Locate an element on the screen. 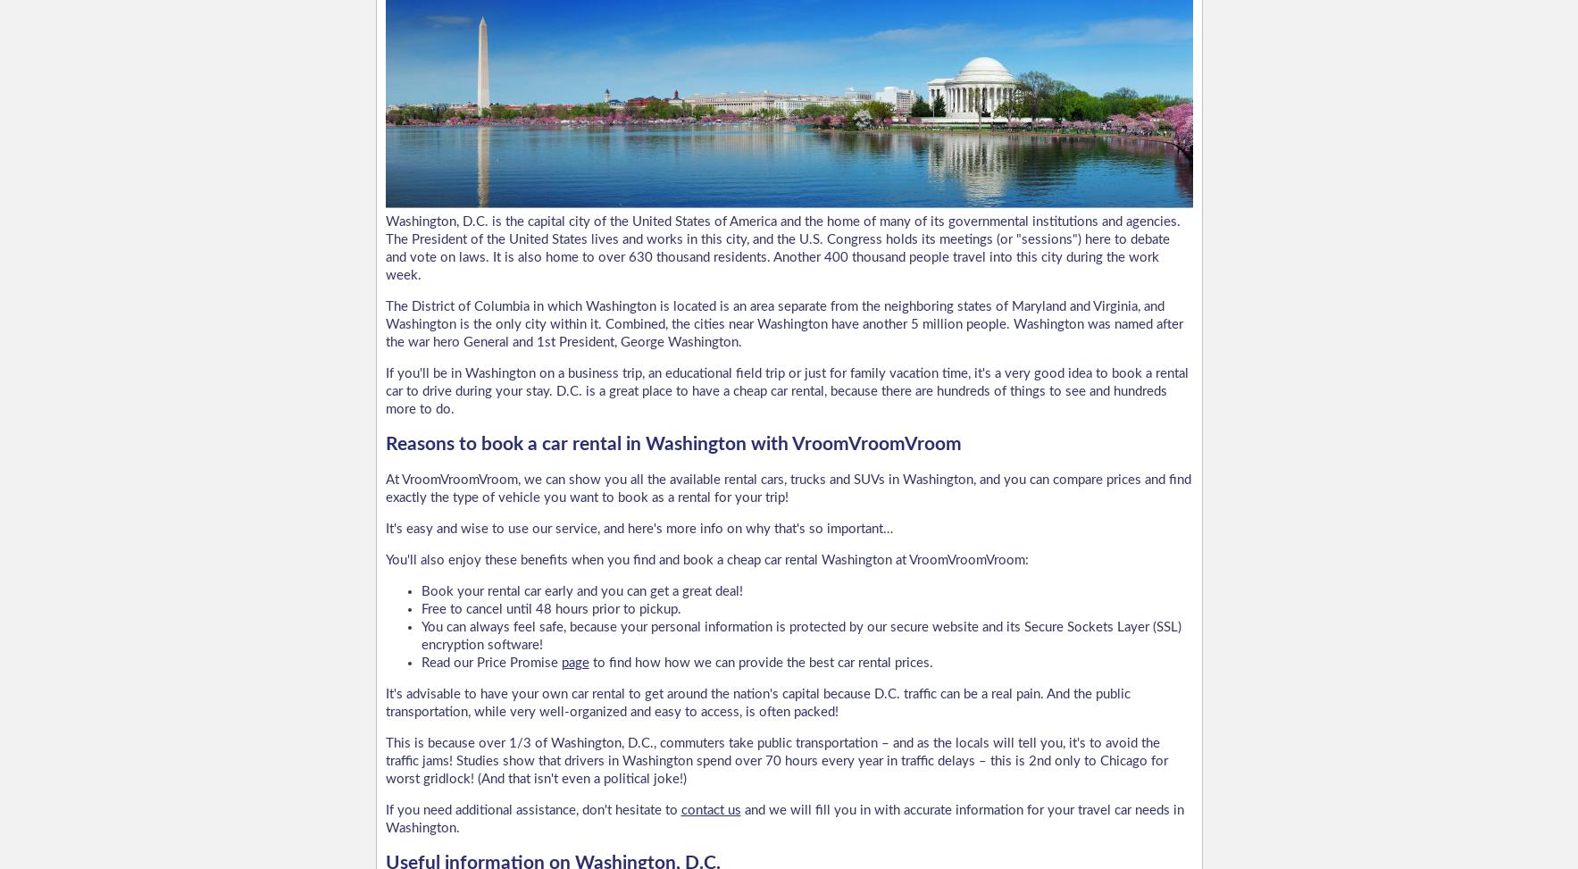 This screenshot has height=869, width=1578. 'The District of Columbia in which Washington is located is an area separate from the neighboring states of Maryland and Virginia, and Washington is the only city within it. Combined, the cities near Washington have another 5 million people. Washington was named after the war hero General and 1st President, George Washington.' is located at coordinates (782, 322).